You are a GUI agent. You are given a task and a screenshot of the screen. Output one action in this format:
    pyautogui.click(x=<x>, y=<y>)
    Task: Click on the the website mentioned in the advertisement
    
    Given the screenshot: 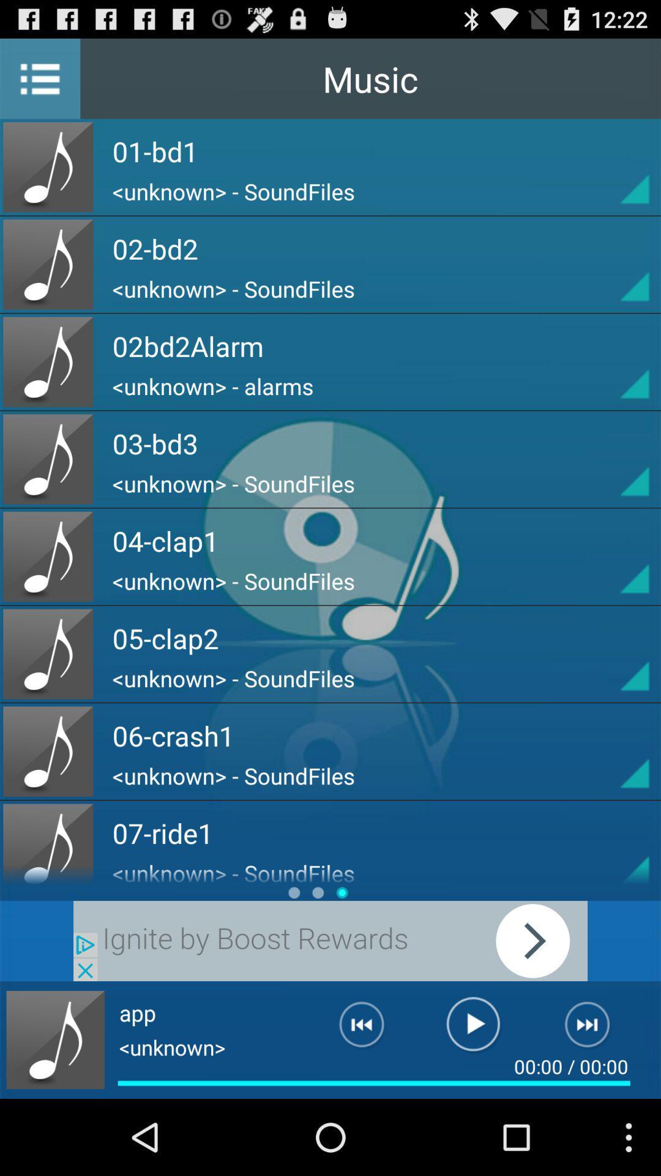 What is the action you would take?
    pyautogui.click(x=330, y=940)
    